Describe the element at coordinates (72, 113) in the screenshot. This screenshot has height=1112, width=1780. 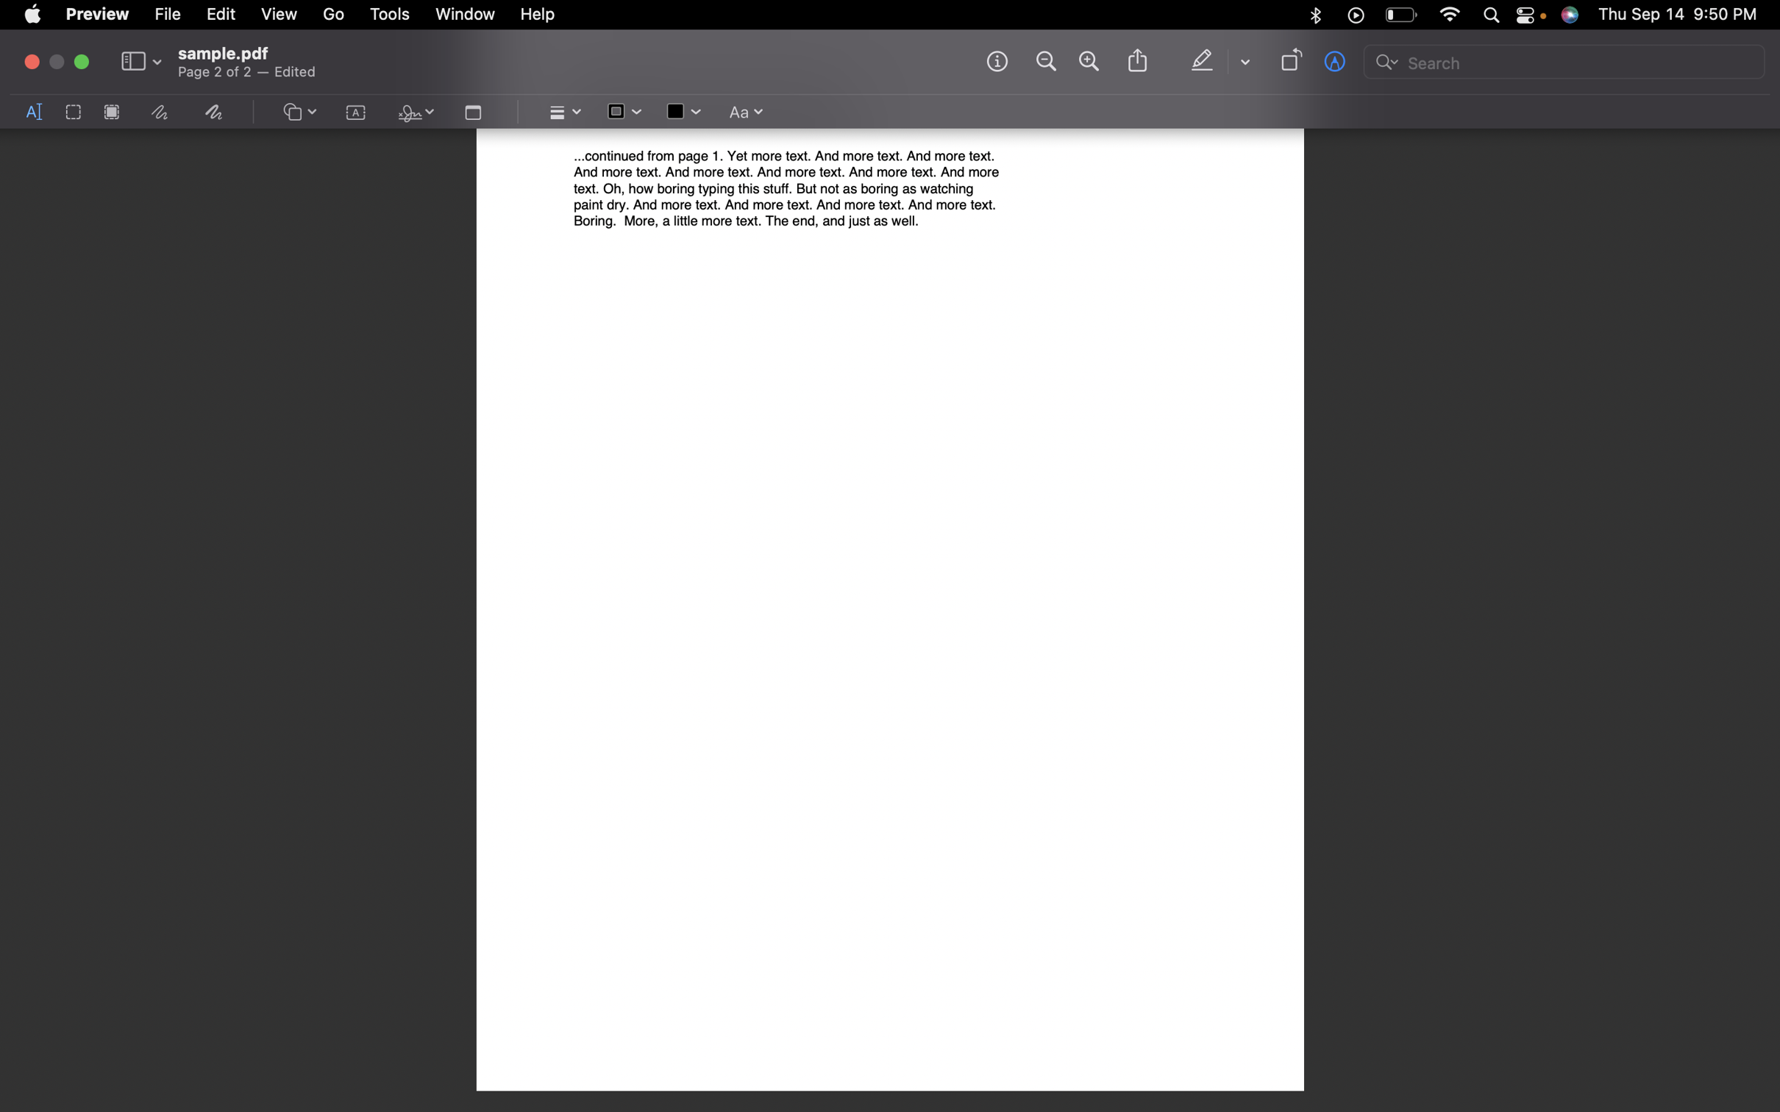
I see `the rectangular selection tool` at that location.